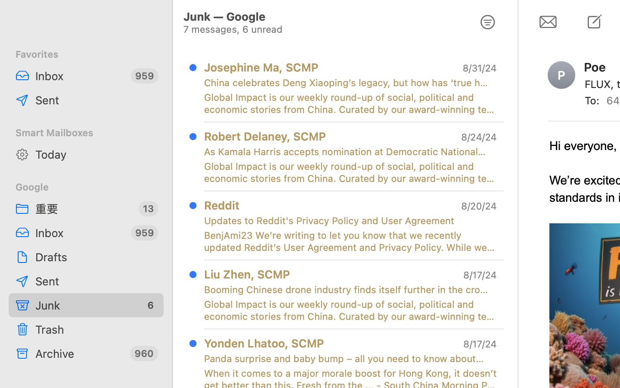 This screenshot has width=620, height=388. I want to click on 'Archive', so click(79, 353).